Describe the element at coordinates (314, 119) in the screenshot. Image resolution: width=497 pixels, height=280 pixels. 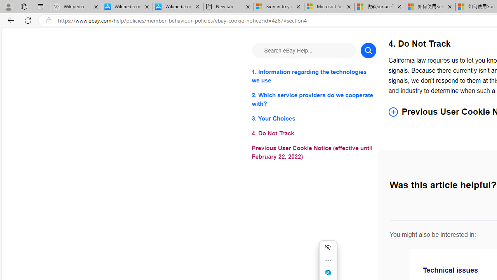
I see `'3. Your Choices'` at that location.